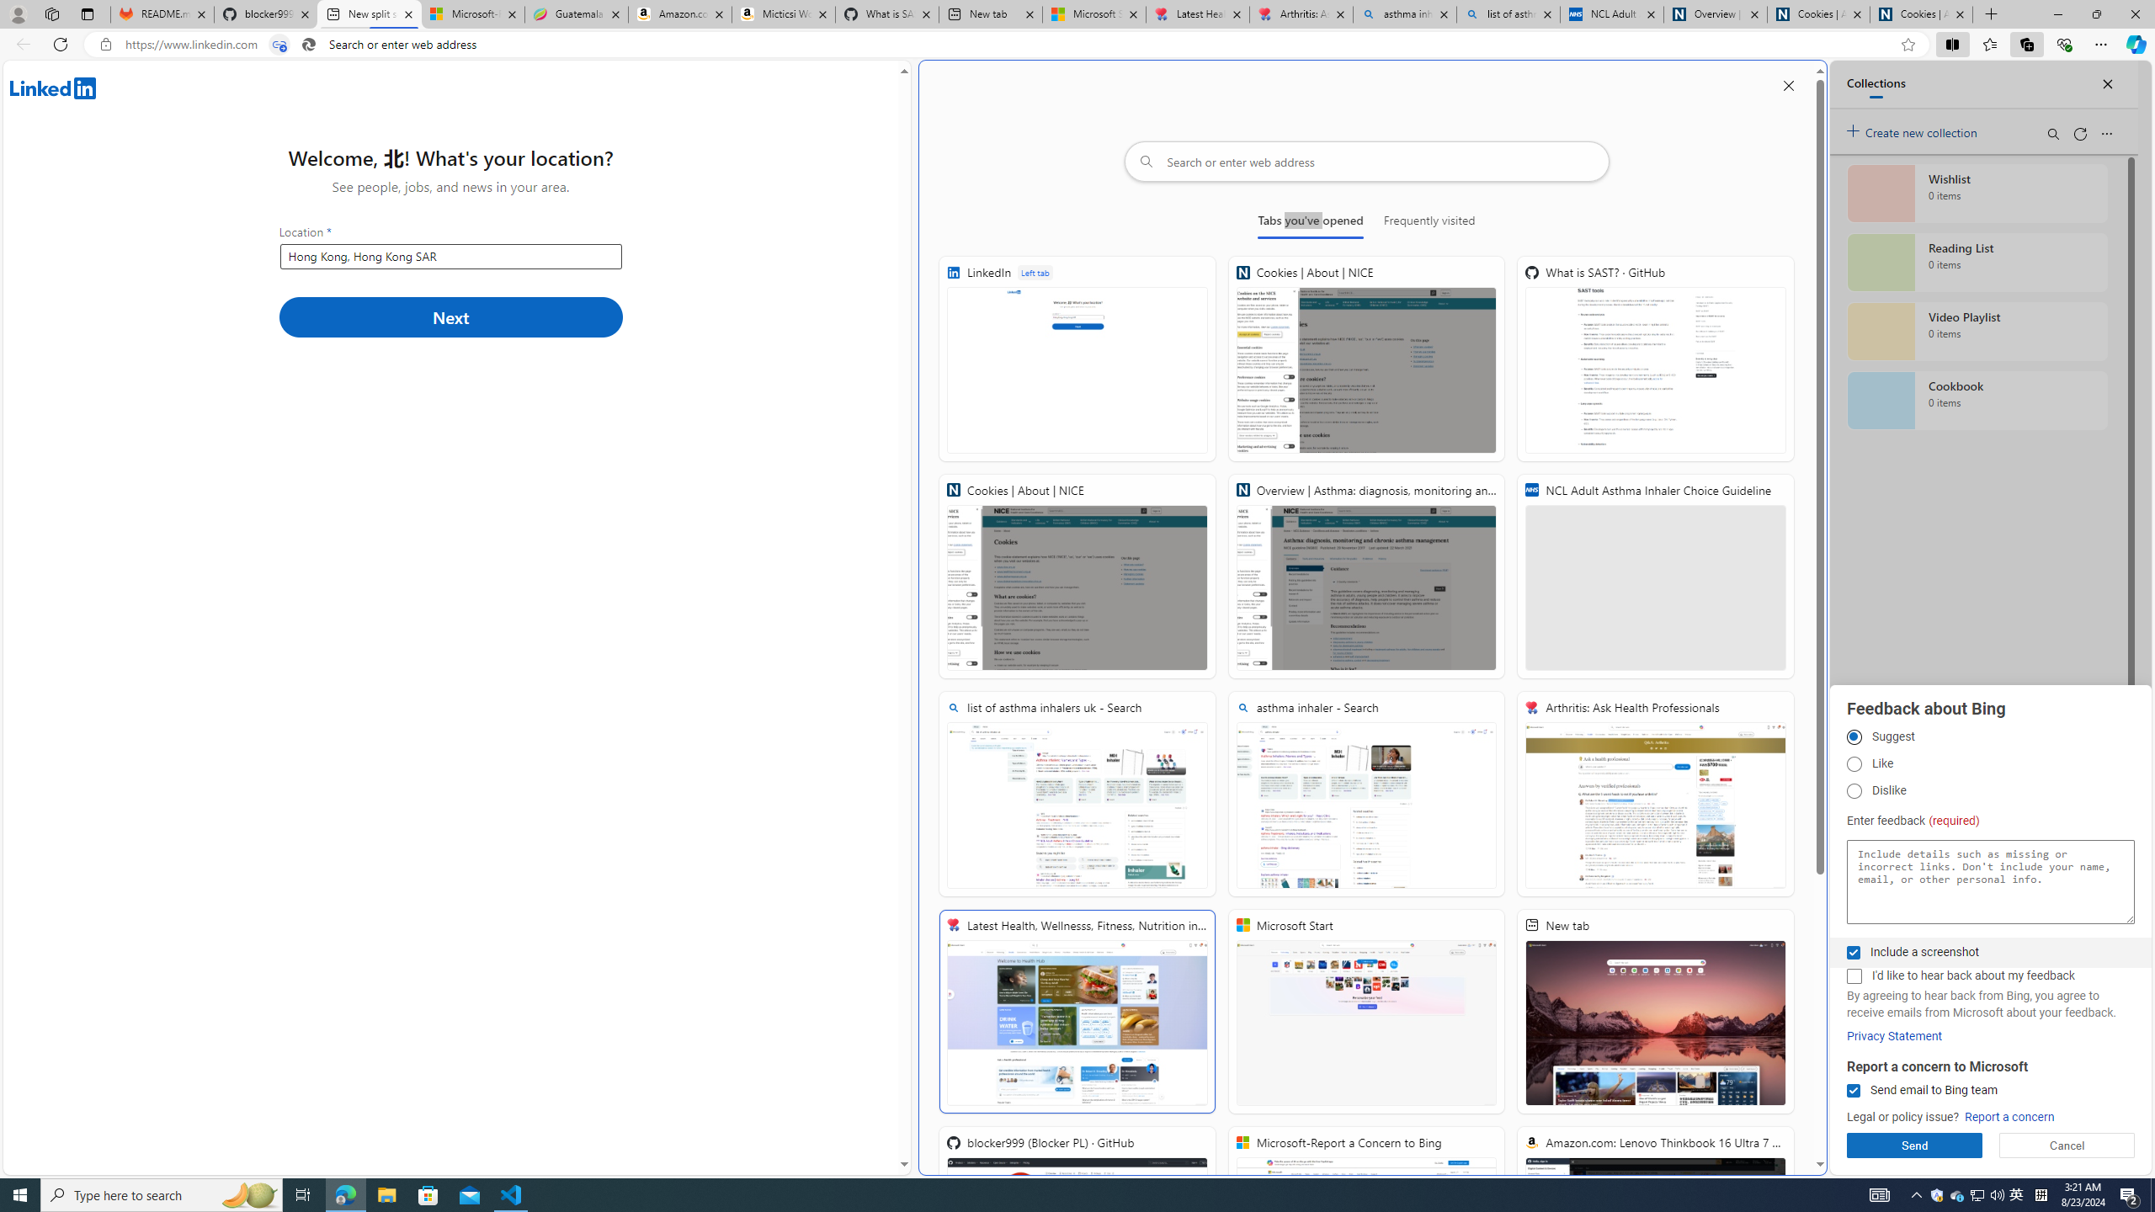  I want to click on 'Search or enter web address', so click(1365, 161).